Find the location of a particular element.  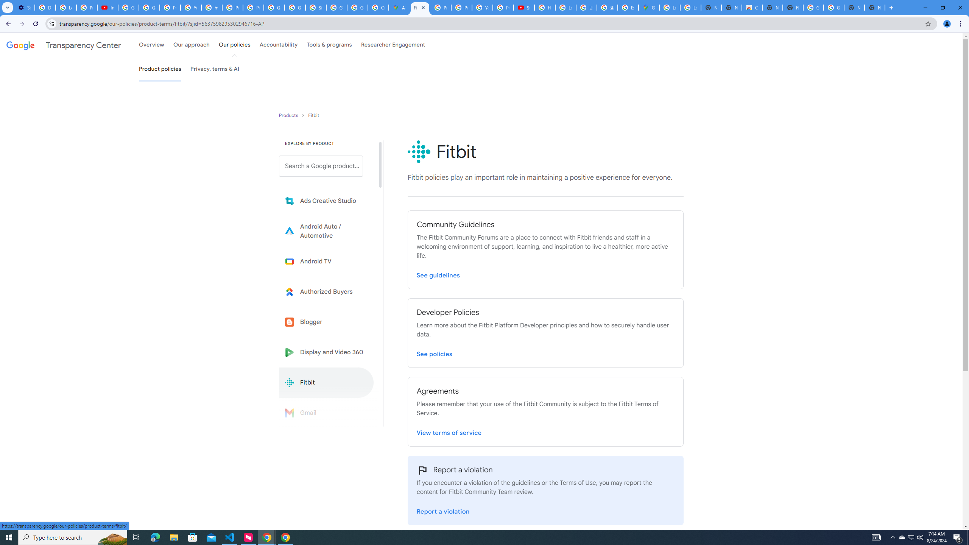

'Fitbit' is located at coordinates (326, 382).